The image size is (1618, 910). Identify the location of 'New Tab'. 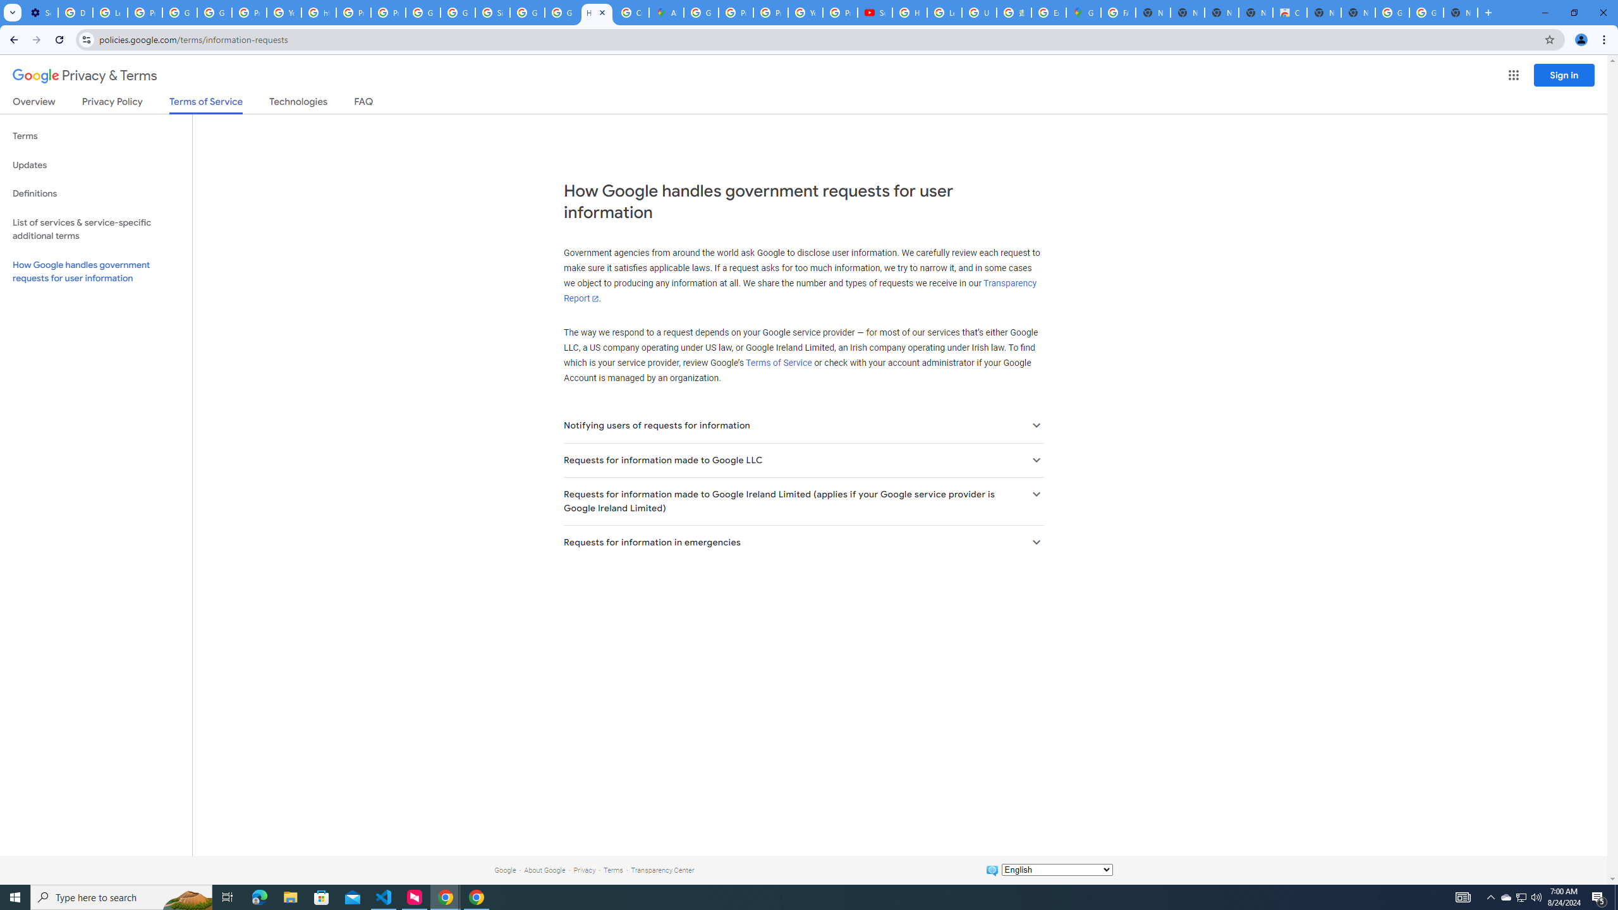
(1461, 12).